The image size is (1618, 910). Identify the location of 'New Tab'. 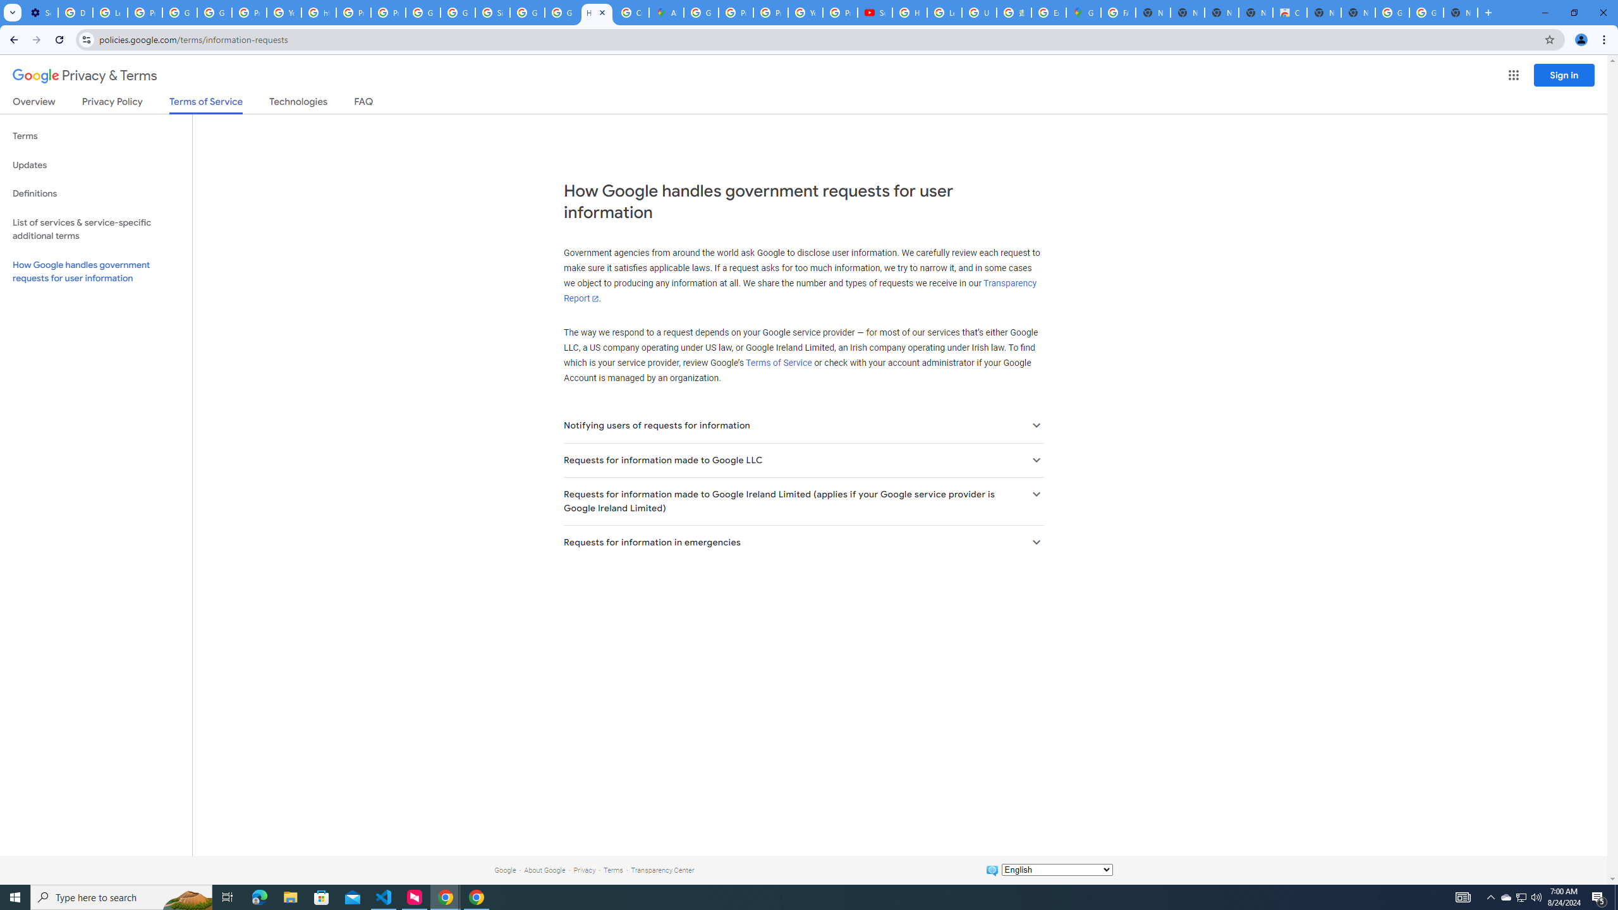
(1461, 12).